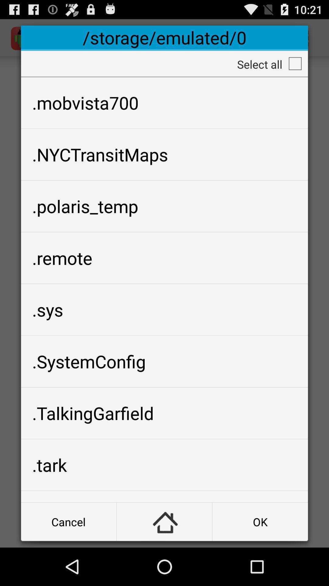  I want to click on icon below .nyctransitmaps app, so click(164, 206).